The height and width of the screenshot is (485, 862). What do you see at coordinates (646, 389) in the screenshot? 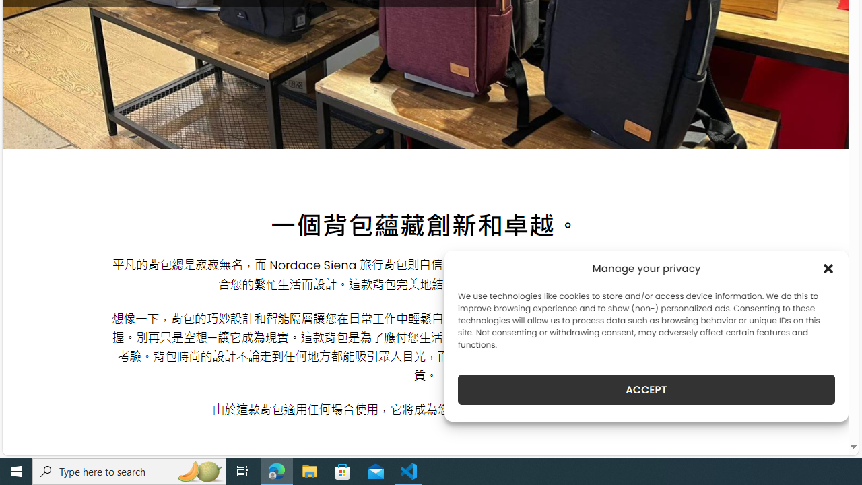
I see `'ACCEPT'` at bounding box center [646, 389].